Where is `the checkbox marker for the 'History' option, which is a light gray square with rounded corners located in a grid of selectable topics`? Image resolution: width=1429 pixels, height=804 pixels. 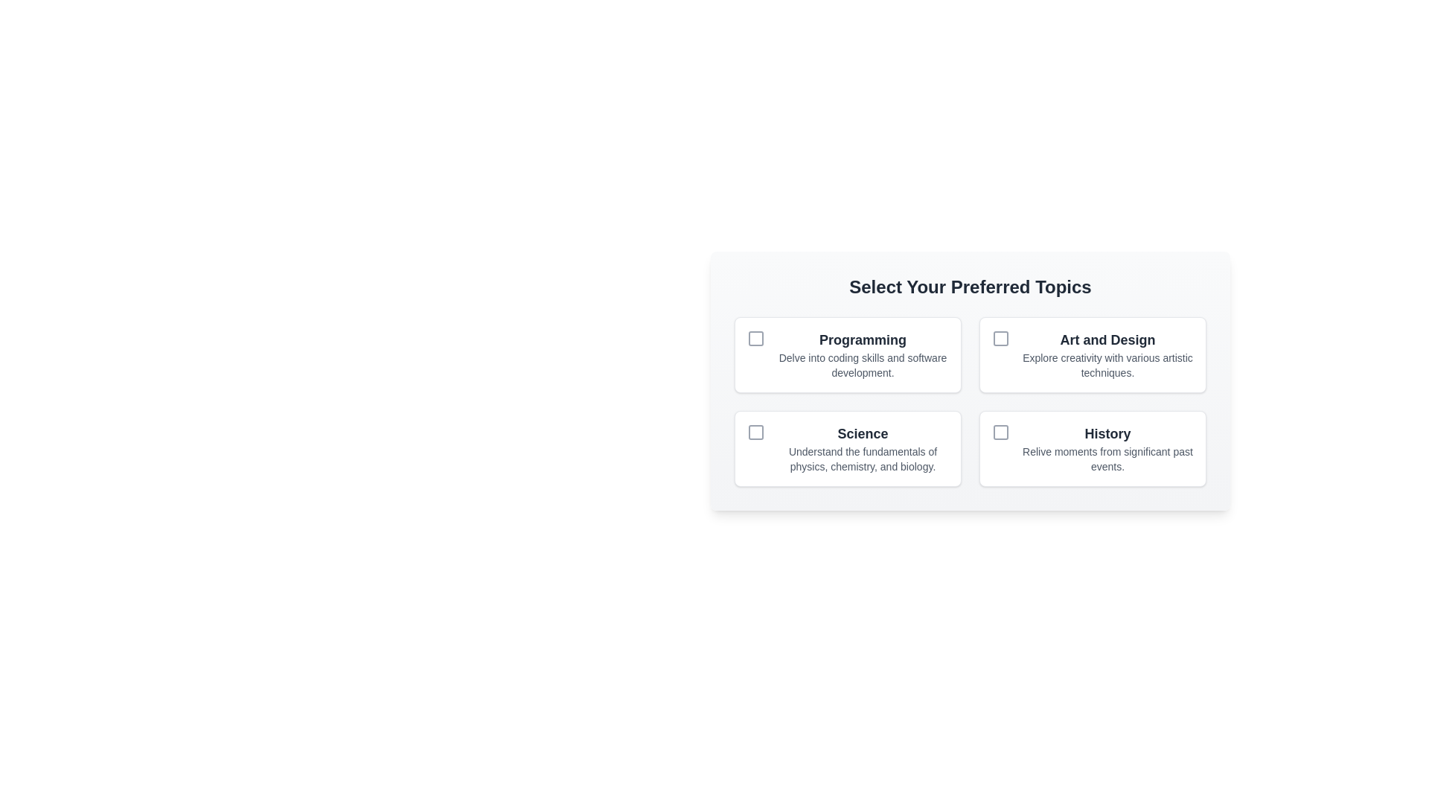 the checkbox marker for the 'History' option, which is a light gray square with rounded corners located in a grid of selectable topics is located at coordinates (1000, 433).